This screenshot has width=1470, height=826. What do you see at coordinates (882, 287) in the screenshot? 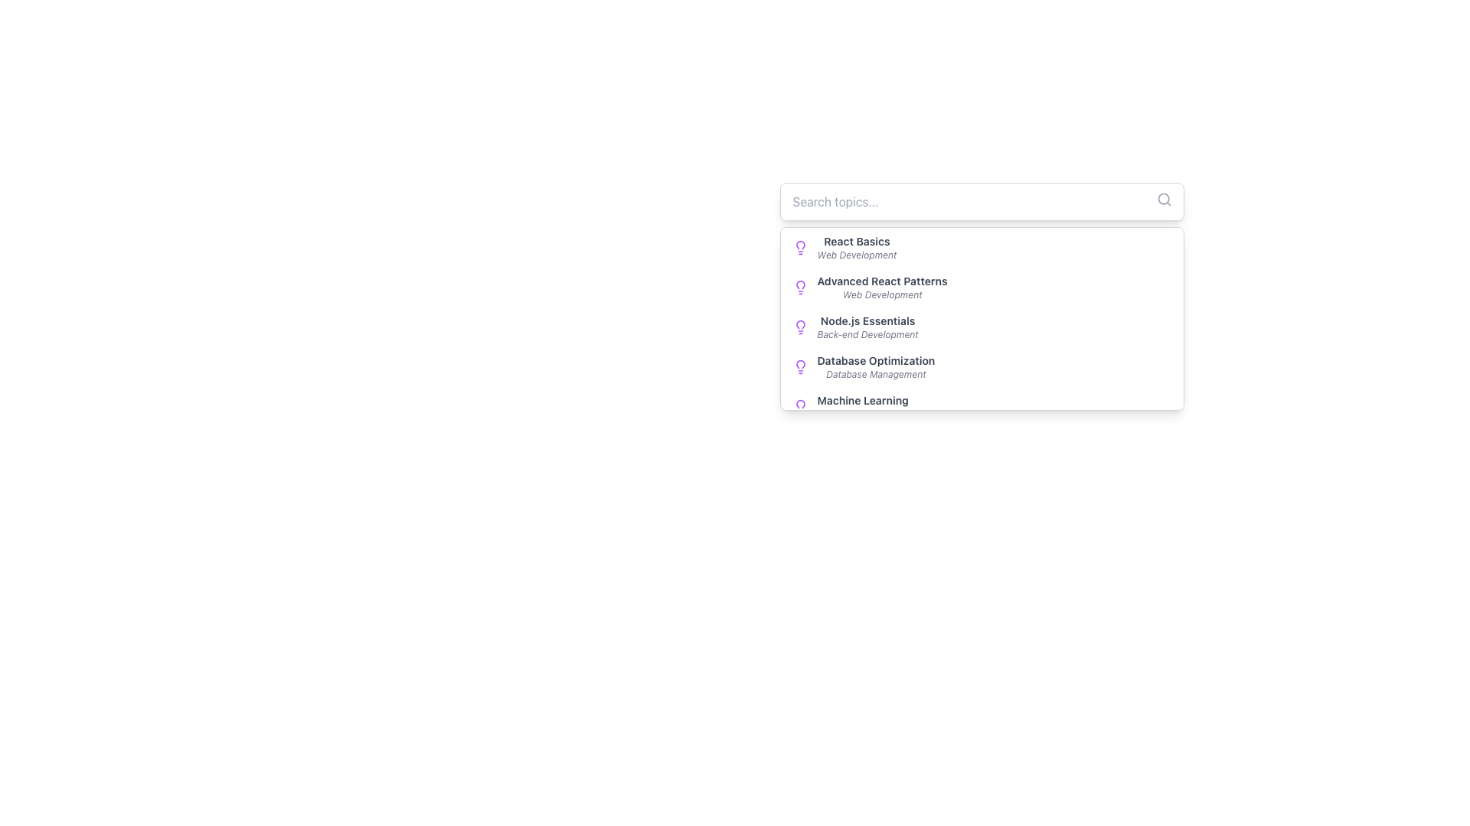
I see `the selectable list item labeled 'Advanced React Patterns' in the vertical list under 'Search topics...'` at bounding box center [882, 287].